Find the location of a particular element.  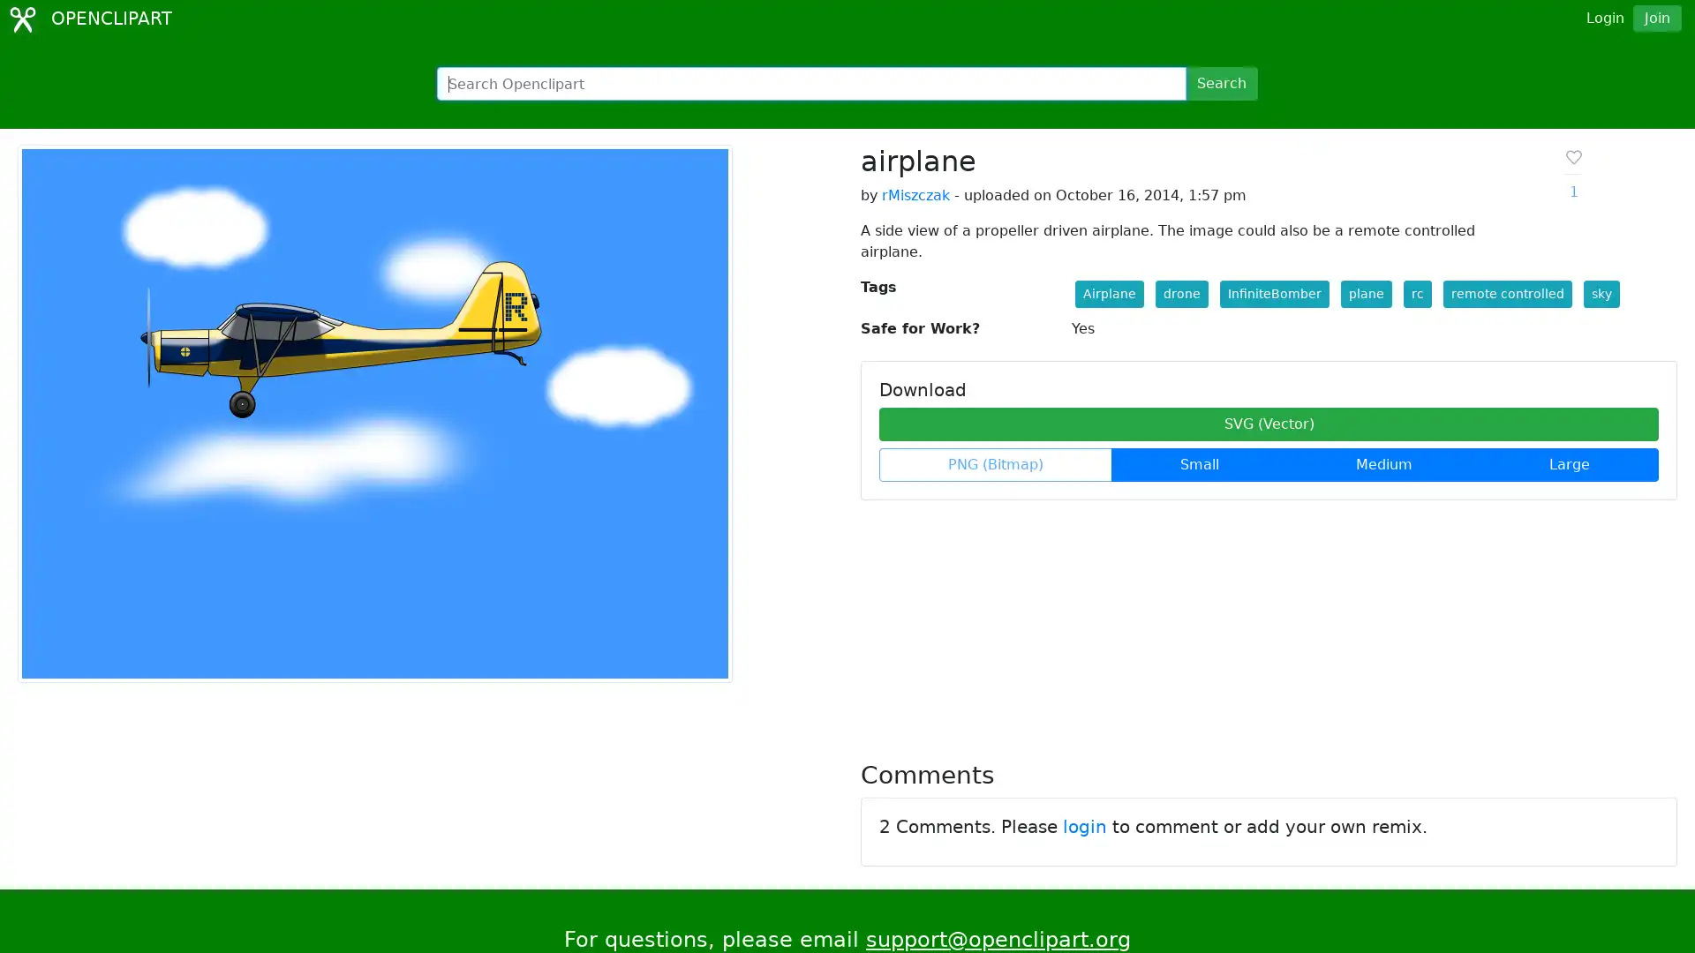

InfiniteBomber is located at coordinates (1274, 293).